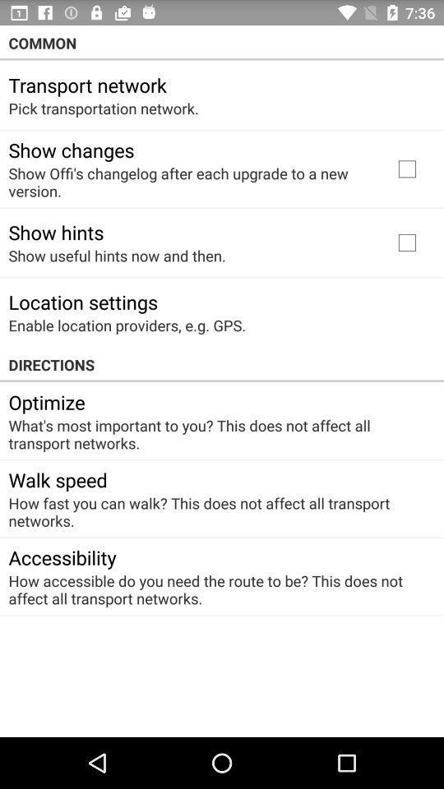  I want to click on the optimize icon, so click(47, 401).